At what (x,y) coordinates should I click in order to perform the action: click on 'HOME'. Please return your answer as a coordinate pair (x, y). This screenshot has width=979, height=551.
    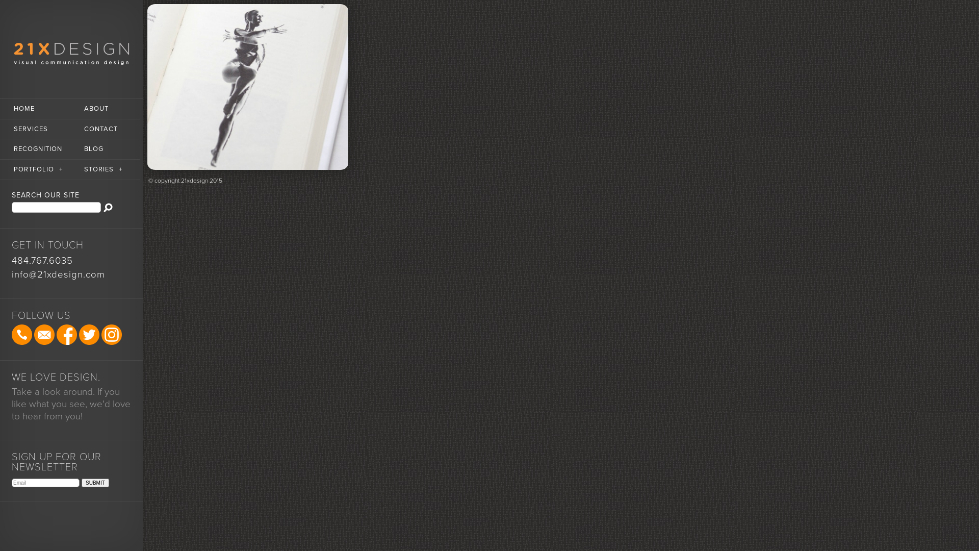
    Looking at the image, I should click on (35, 109).